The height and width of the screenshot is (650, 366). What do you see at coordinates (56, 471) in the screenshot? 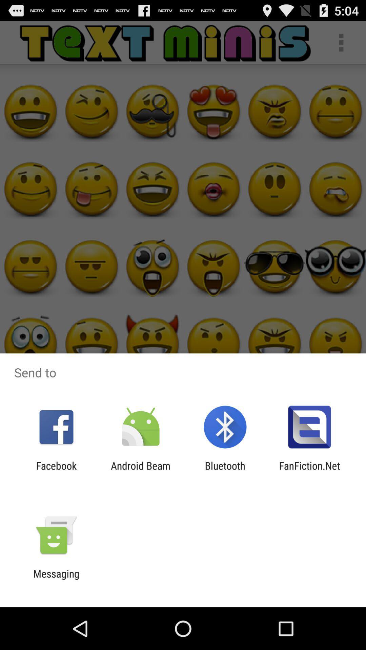
I see `the app next to android beam icon` at bounding box center [56, 471].